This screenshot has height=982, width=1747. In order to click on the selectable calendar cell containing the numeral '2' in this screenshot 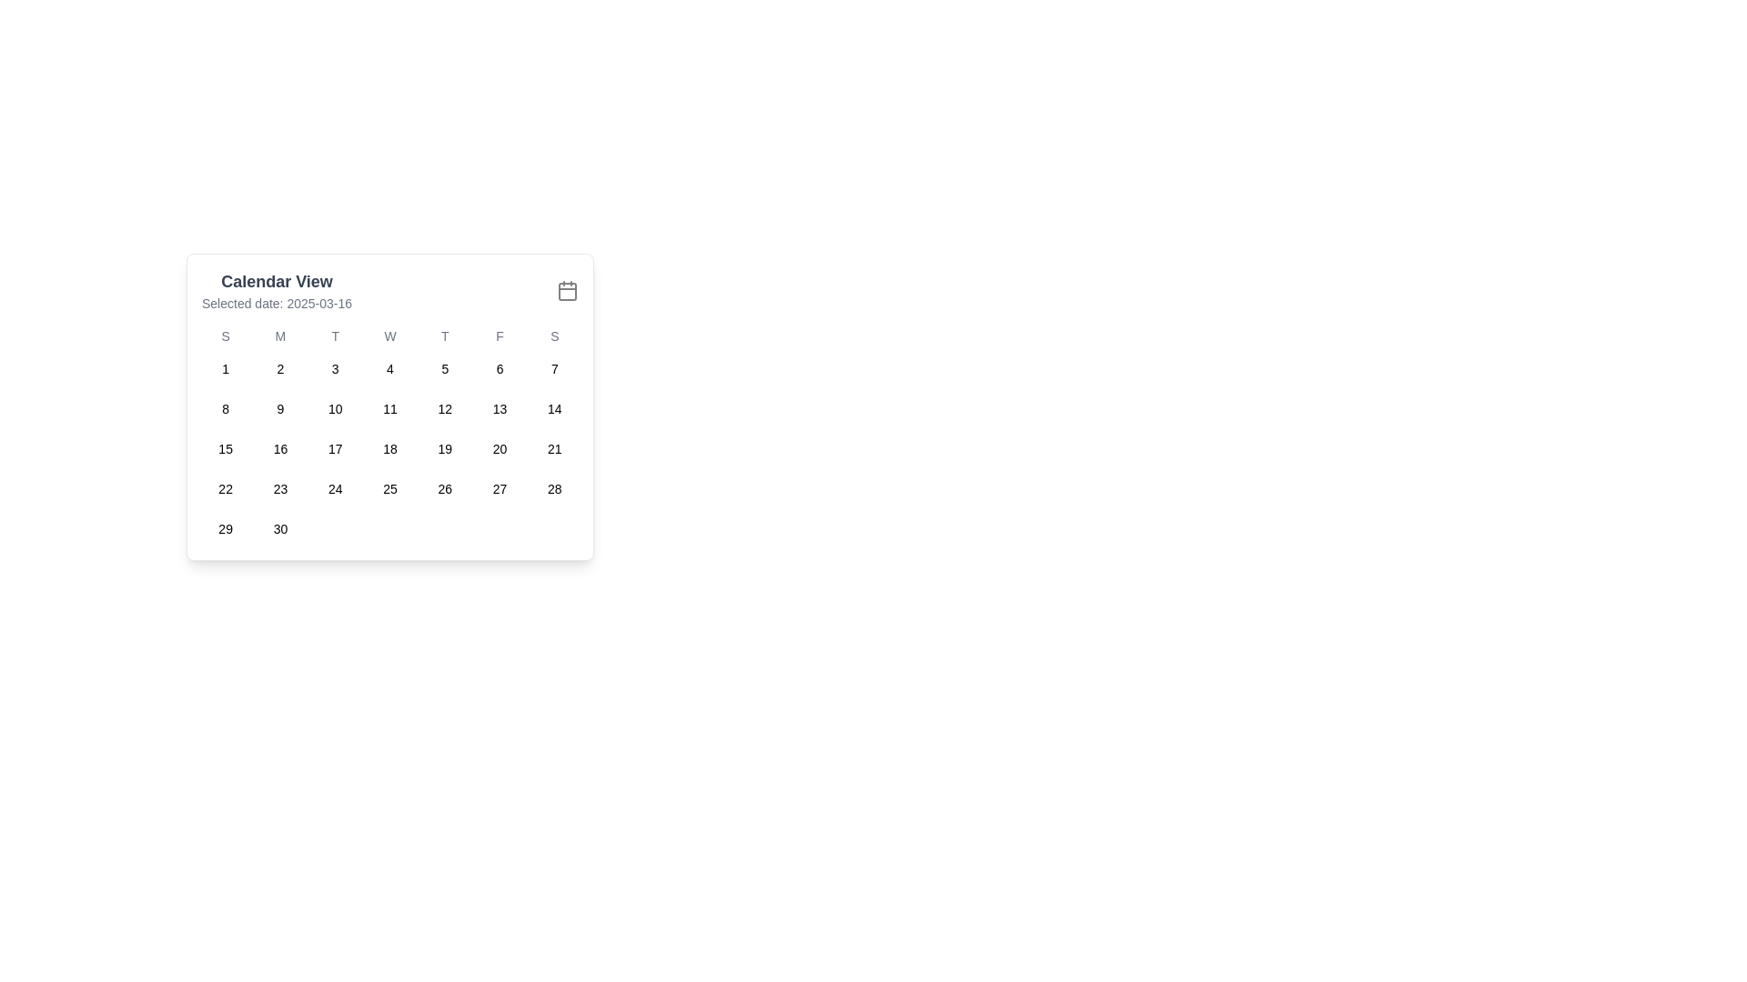, I will do `click(279, 368)`.